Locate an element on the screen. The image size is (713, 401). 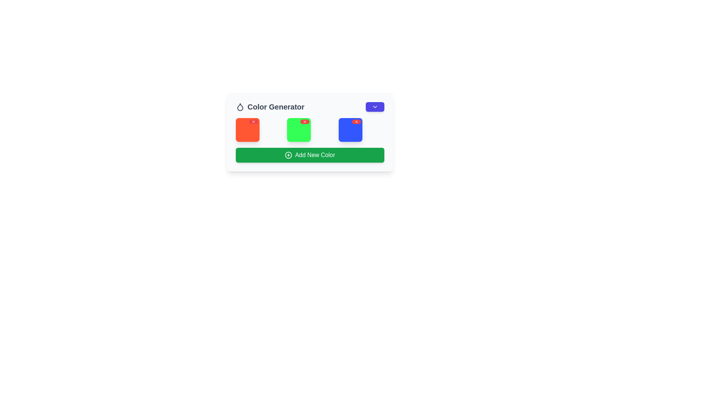
the small circular red button with a white cross icon located in the top-right corner of the middle green square in the grid is located at coordinates (305, 121).